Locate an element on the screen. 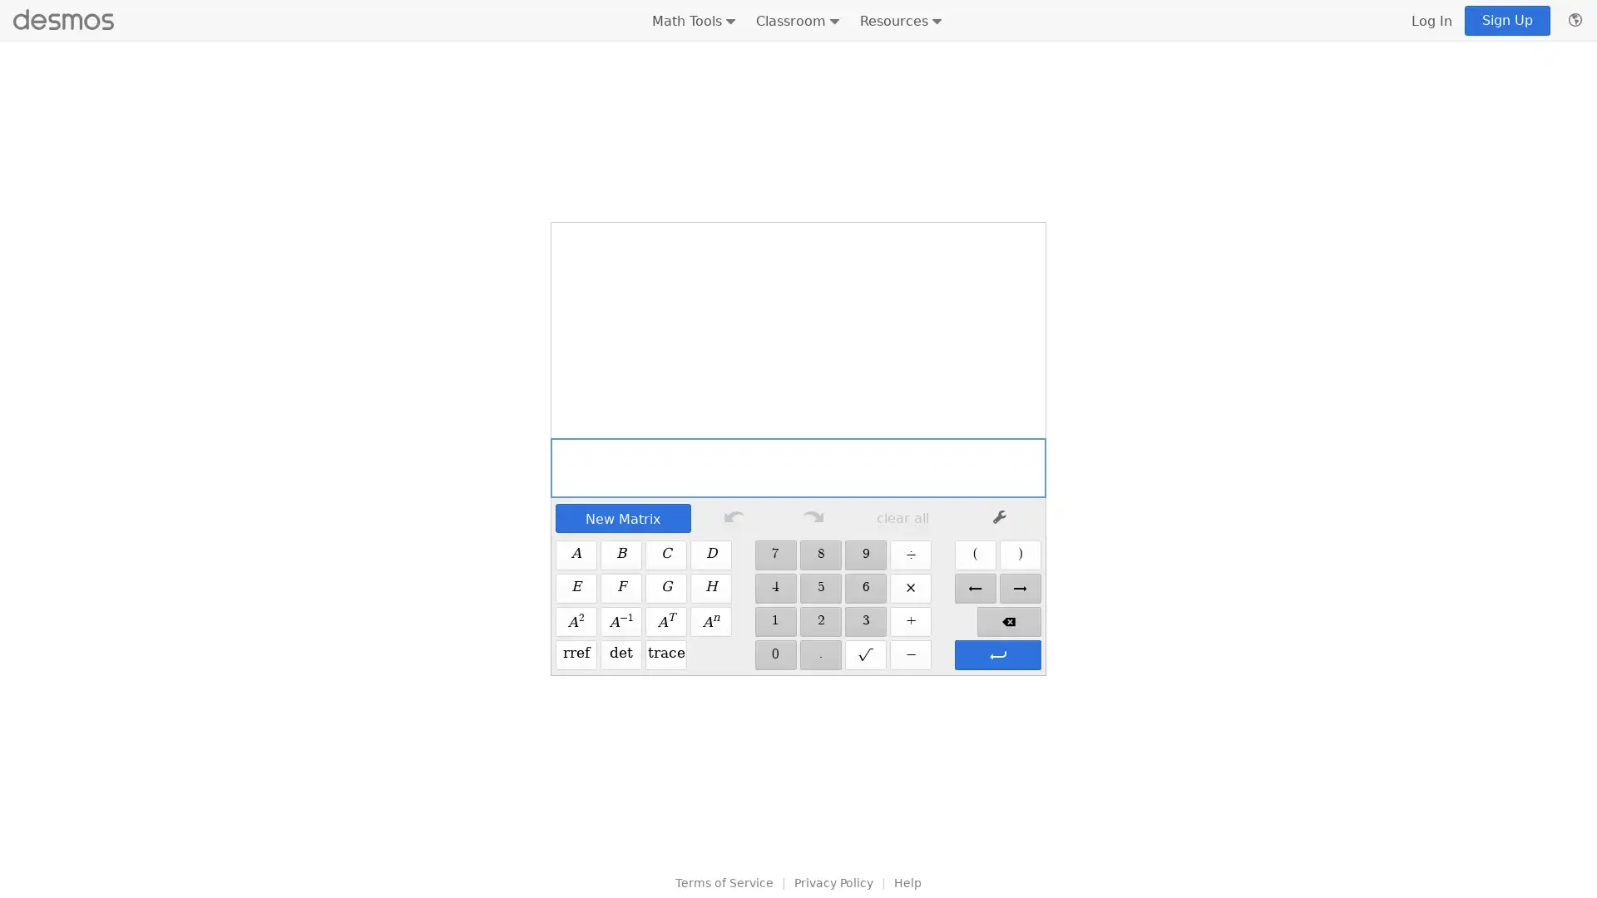 The height and width of the screenshot is (898, 1597). 5 is located at coordinates (820, 588).